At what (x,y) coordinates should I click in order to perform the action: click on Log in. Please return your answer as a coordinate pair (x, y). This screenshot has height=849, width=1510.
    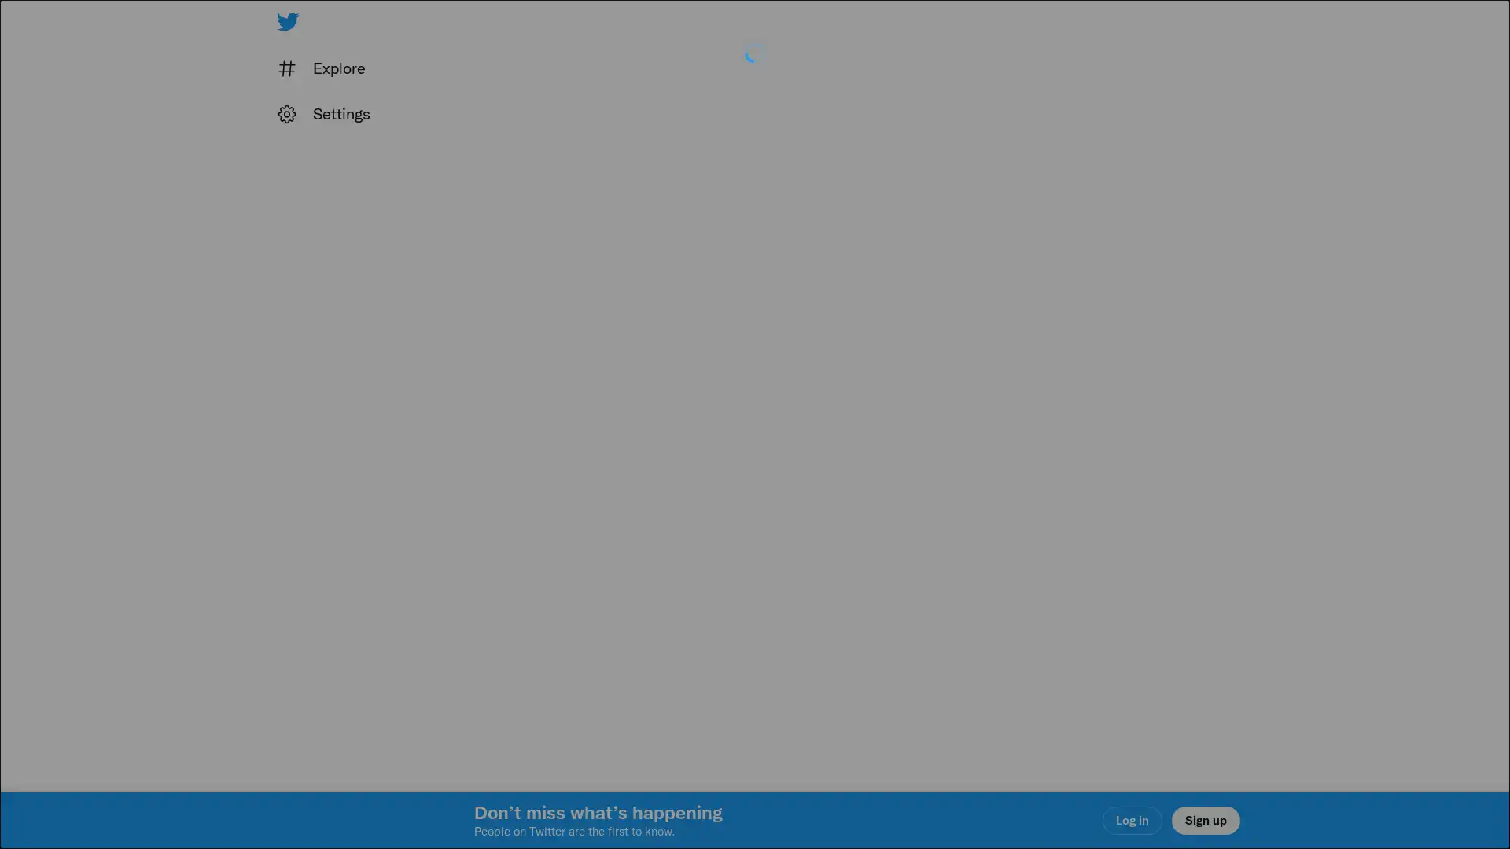
    Looking at the image, I should click on (944, 535).